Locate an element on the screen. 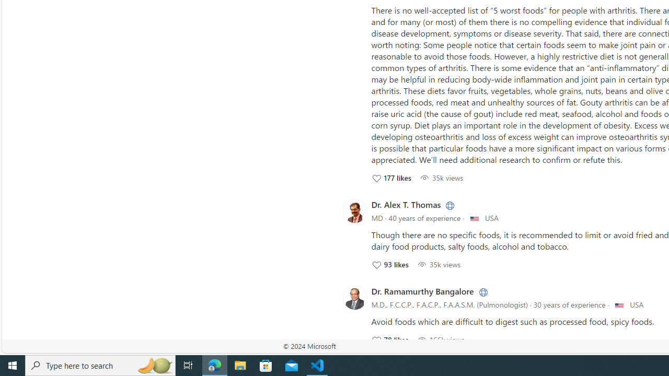 The height and width of the screenshot is (376, 669). 'doctorIconRound' is located at coordinates (354, 298).